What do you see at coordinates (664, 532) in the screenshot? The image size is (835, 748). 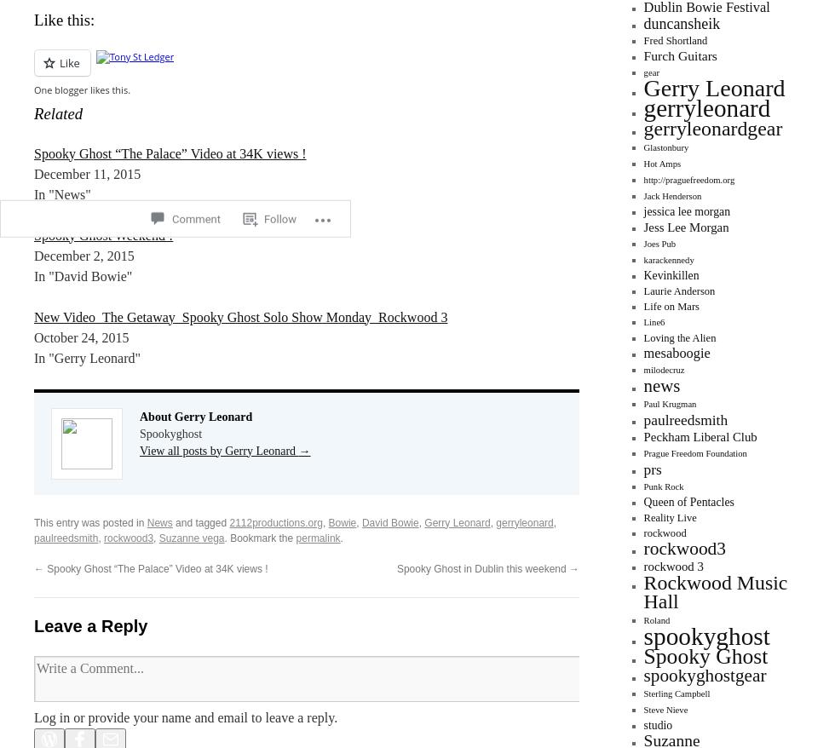 I see `'rockwood'` at bounding box center [664, 532].